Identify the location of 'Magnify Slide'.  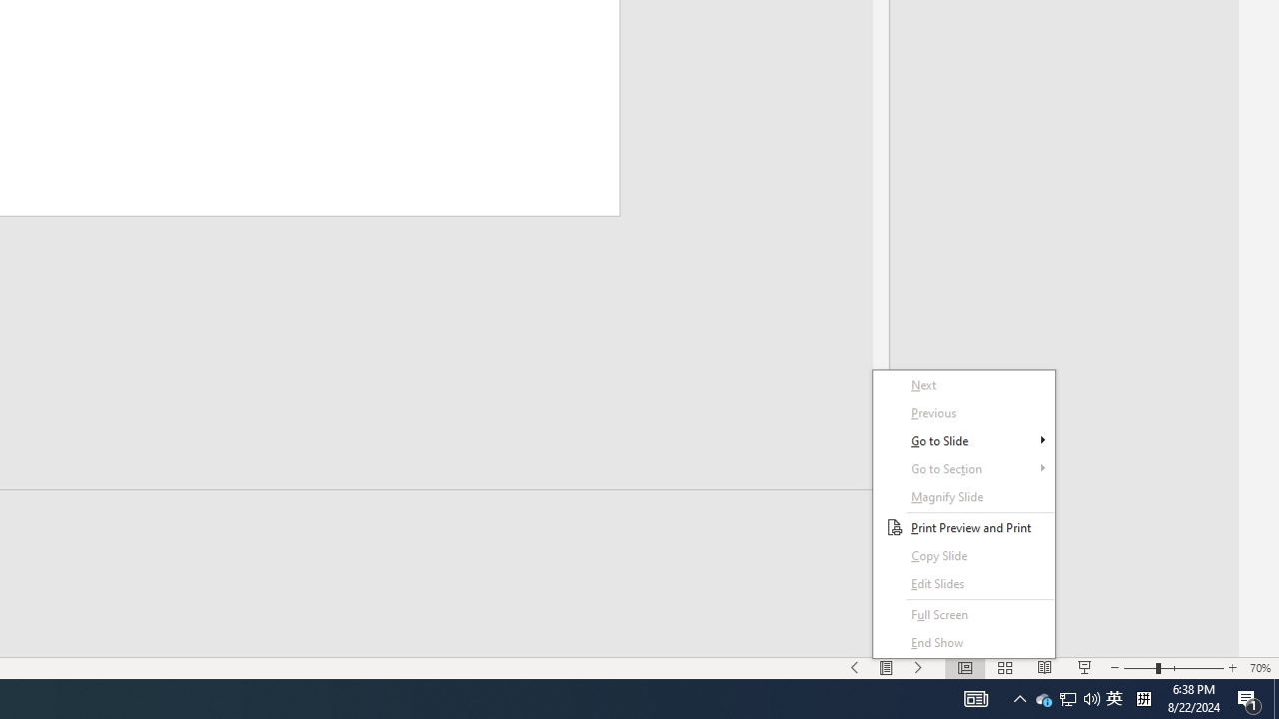
(964, 495).